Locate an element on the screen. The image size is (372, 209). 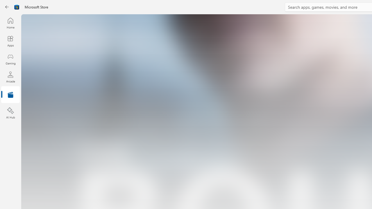
'Home' is located at coordinates (10, 23).